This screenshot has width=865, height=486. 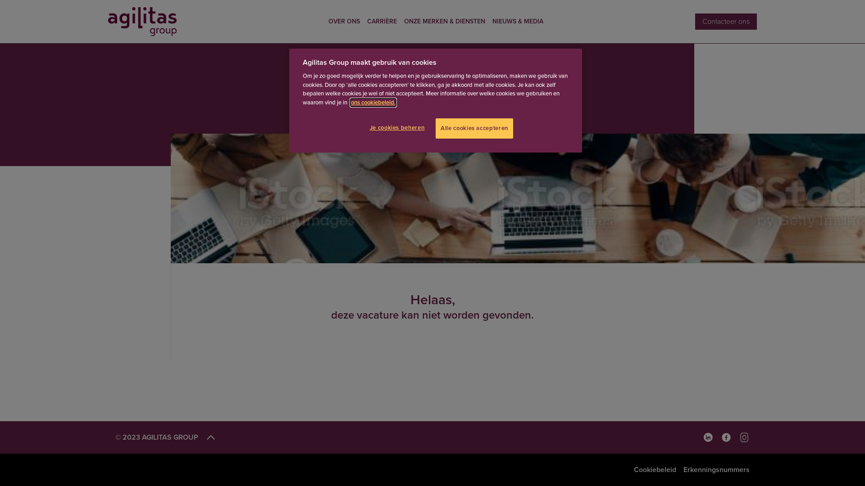 What do you see at coordinates (683, 469) in the screenshot?
I see `'Erkenningsnummers'` at bounding box center [683, 469].